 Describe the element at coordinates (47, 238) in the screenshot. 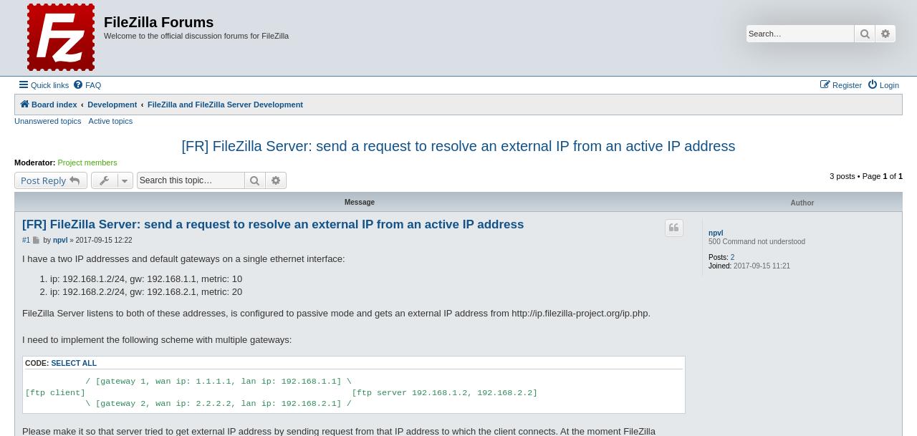

I see `'by'` at that location.